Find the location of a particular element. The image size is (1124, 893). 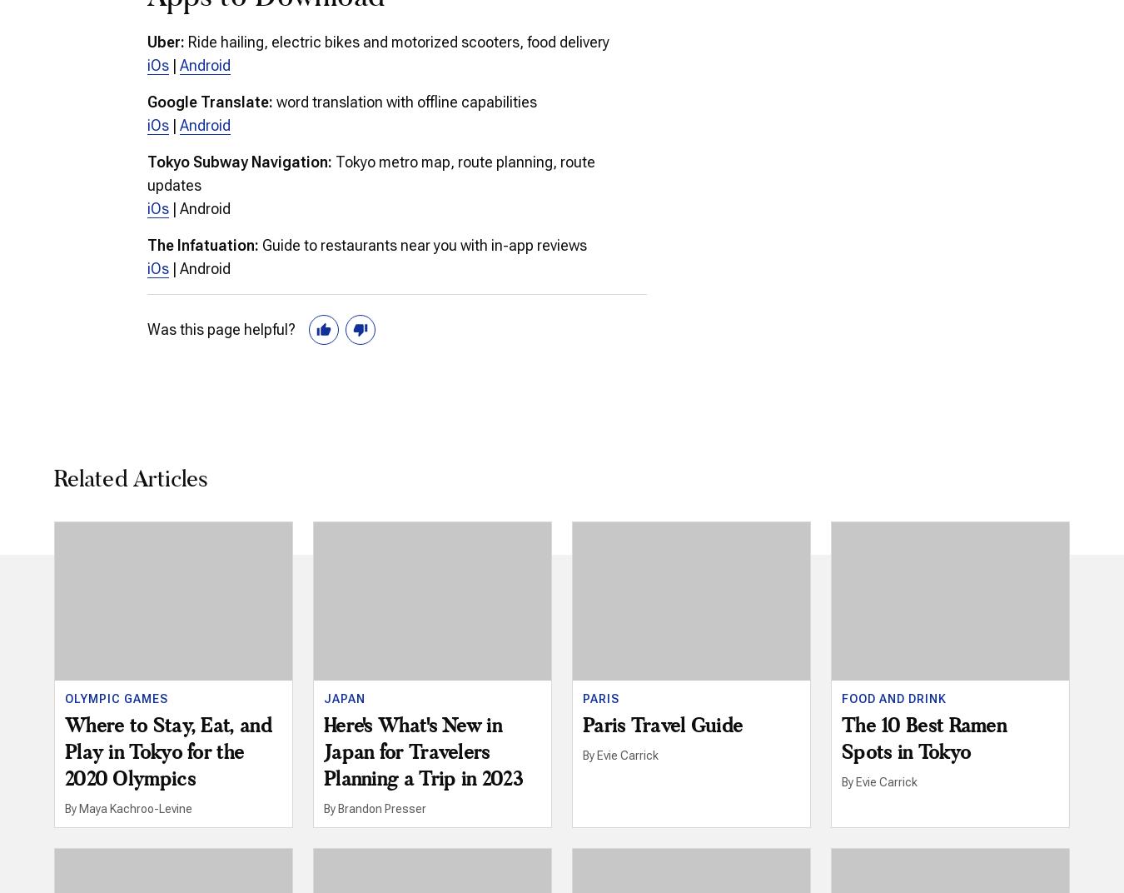

'Paris Travel Guide' is located at coordinates (662, 725).